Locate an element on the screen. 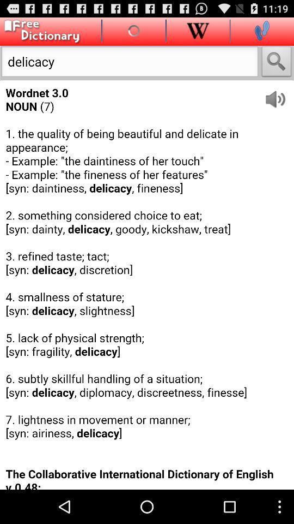 The height and width of the screenshot is (524, 294). free dictionary is located at coordinates (40, 31).